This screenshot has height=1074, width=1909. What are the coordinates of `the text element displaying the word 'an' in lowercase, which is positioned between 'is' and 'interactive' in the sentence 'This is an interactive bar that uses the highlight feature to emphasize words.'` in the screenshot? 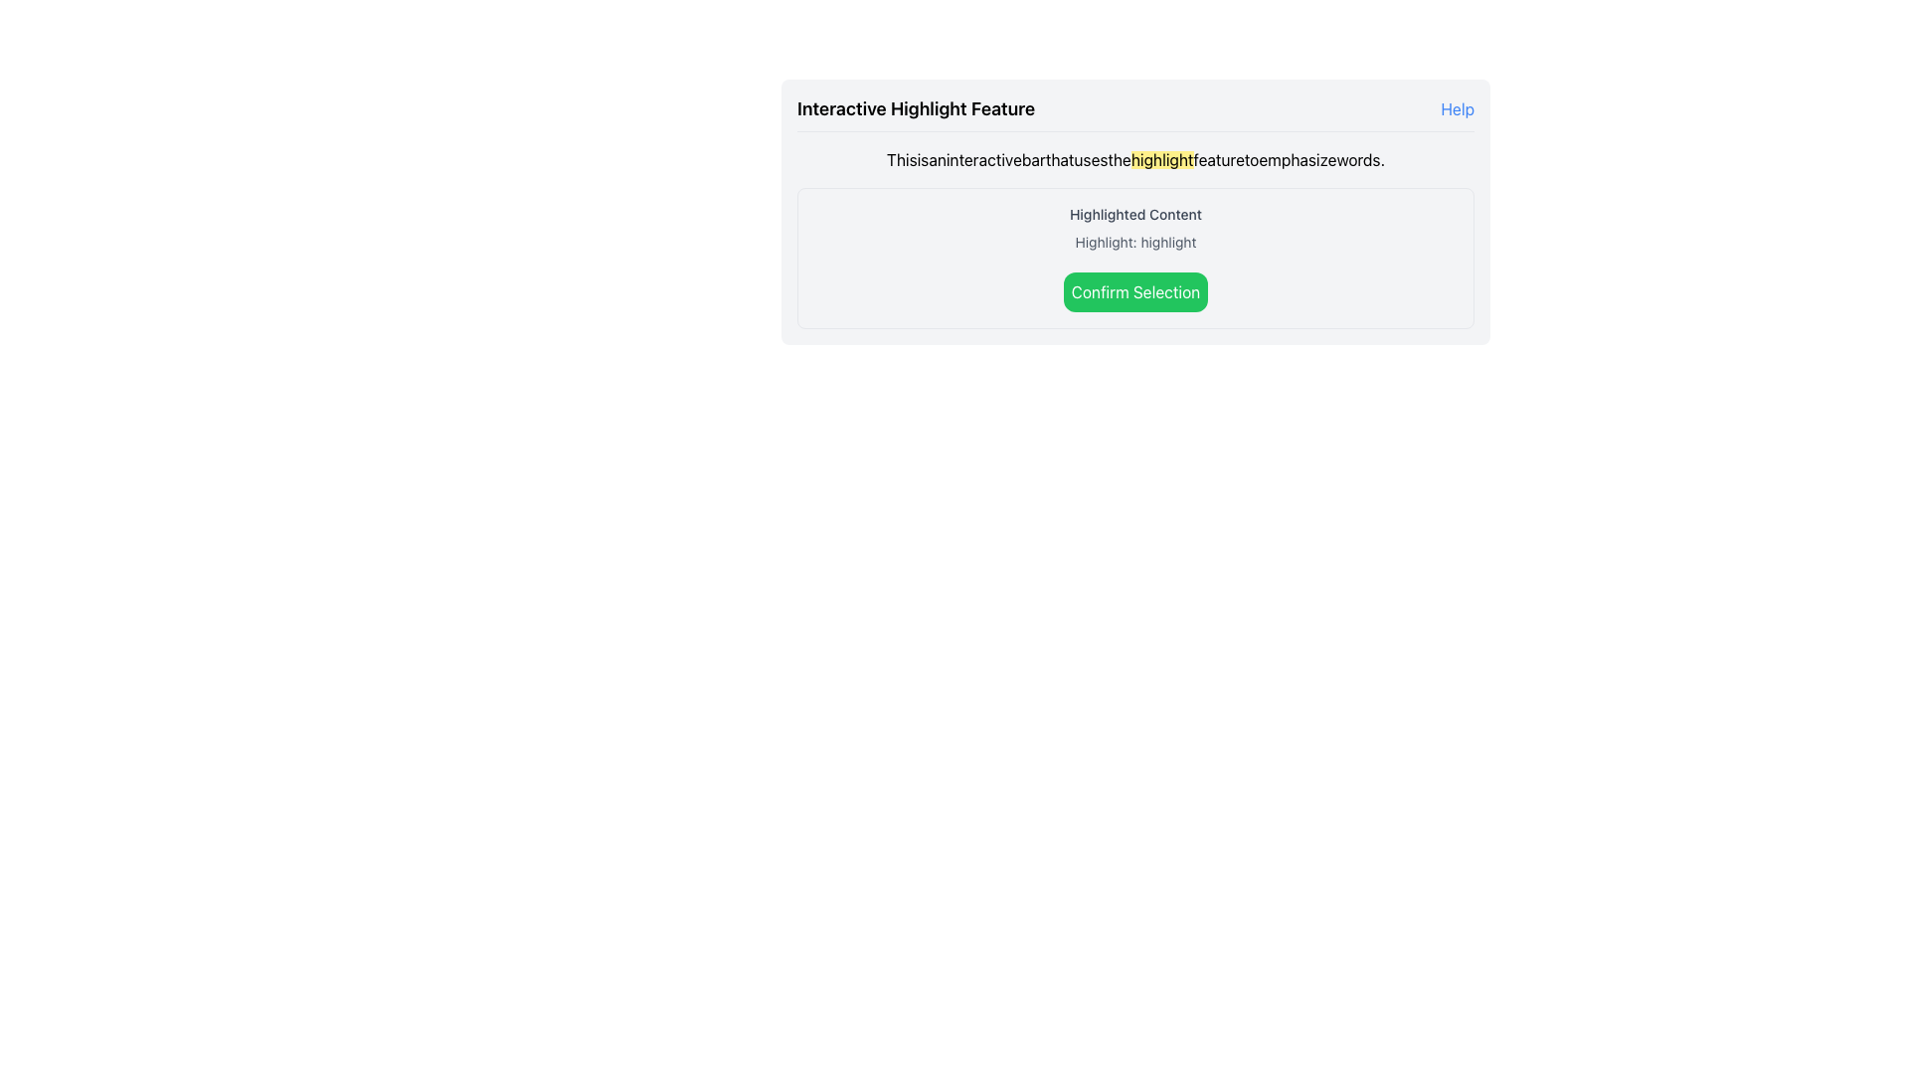 It's located at (937, 159).